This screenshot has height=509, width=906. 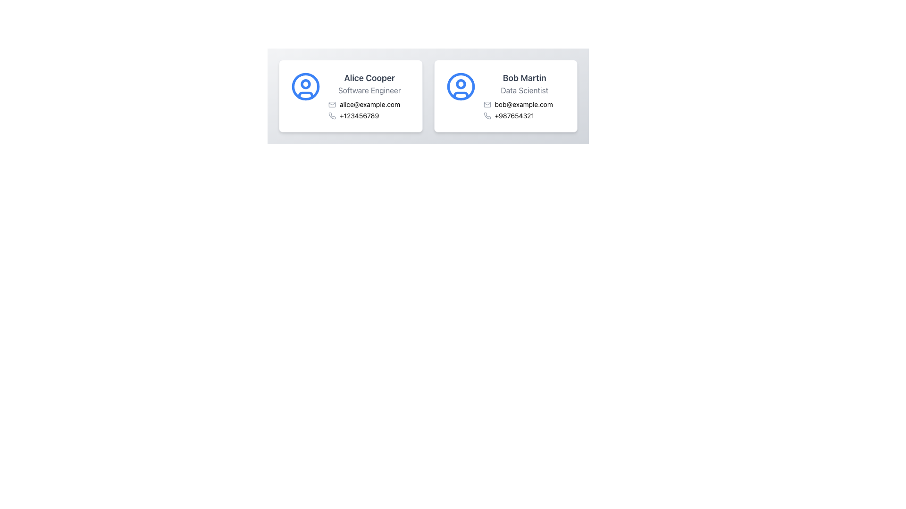 I want to click on the small phone icon, which is styled in light gray and located to the left of the phone number '+987654321' in the profile card of 'Bob Martin', so click(x=487, y=115).